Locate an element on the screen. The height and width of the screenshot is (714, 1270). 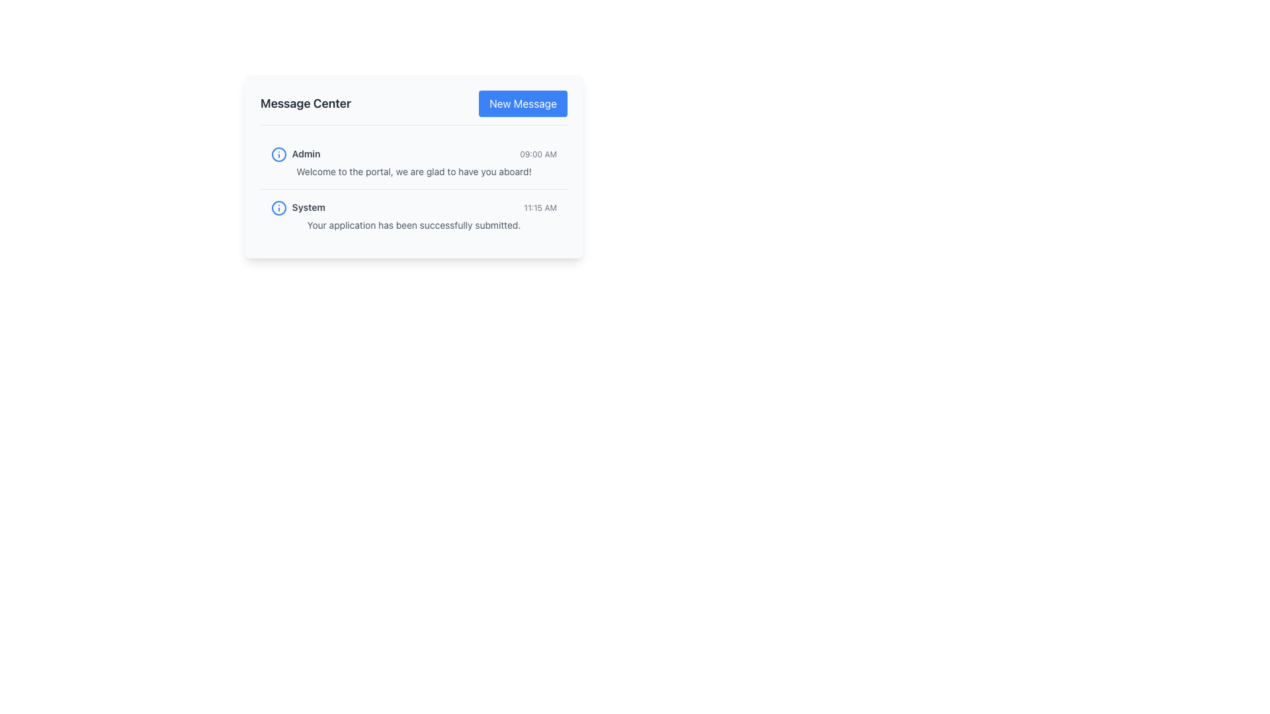
the Message Box displaying 'System' with the timestamp '11:15 AM' and the message 'Your application has been successfully submitted.' is located at coordinates (413, 215).